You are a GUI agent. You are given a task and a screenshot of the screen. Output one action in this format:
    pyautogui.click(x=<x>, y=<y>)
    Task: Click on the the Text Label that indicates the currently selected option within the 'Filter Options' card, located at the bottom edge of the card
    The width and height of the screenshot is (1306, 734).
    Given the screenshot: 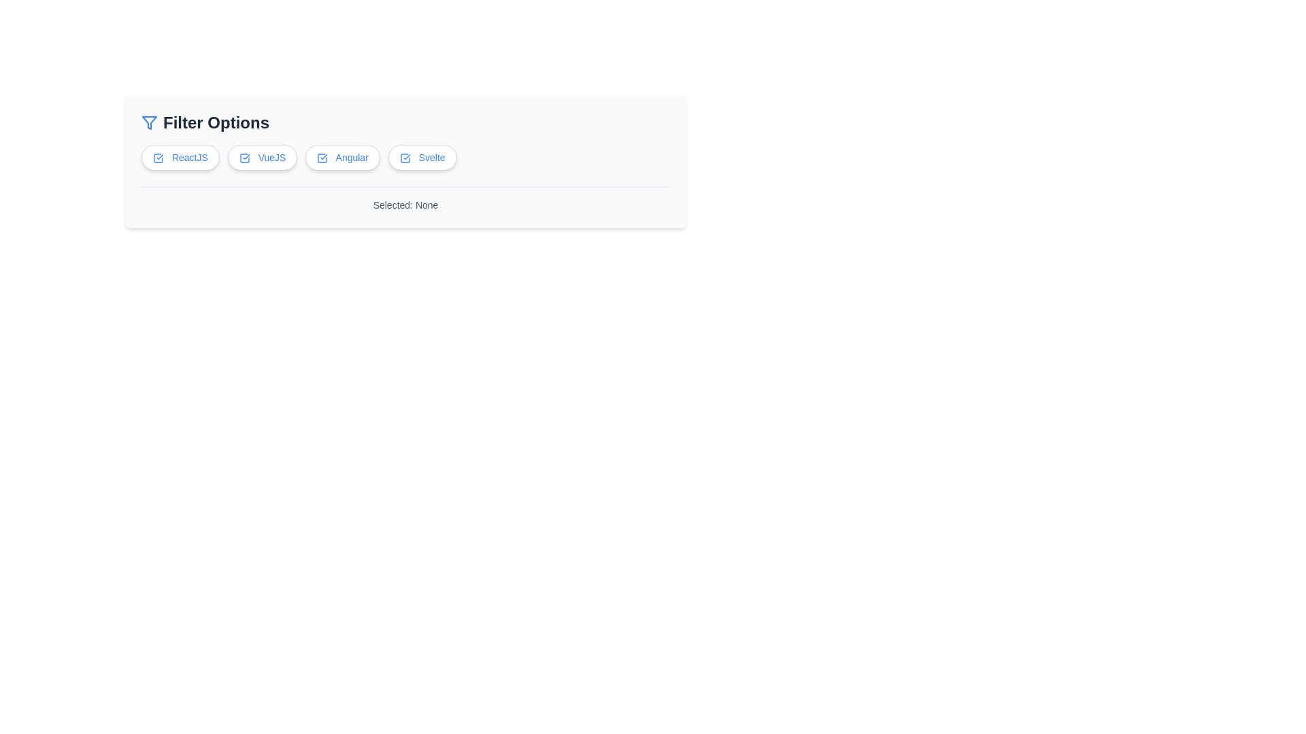 What is the action you would take?
    pyautogui.click(x=405, y=199)
    